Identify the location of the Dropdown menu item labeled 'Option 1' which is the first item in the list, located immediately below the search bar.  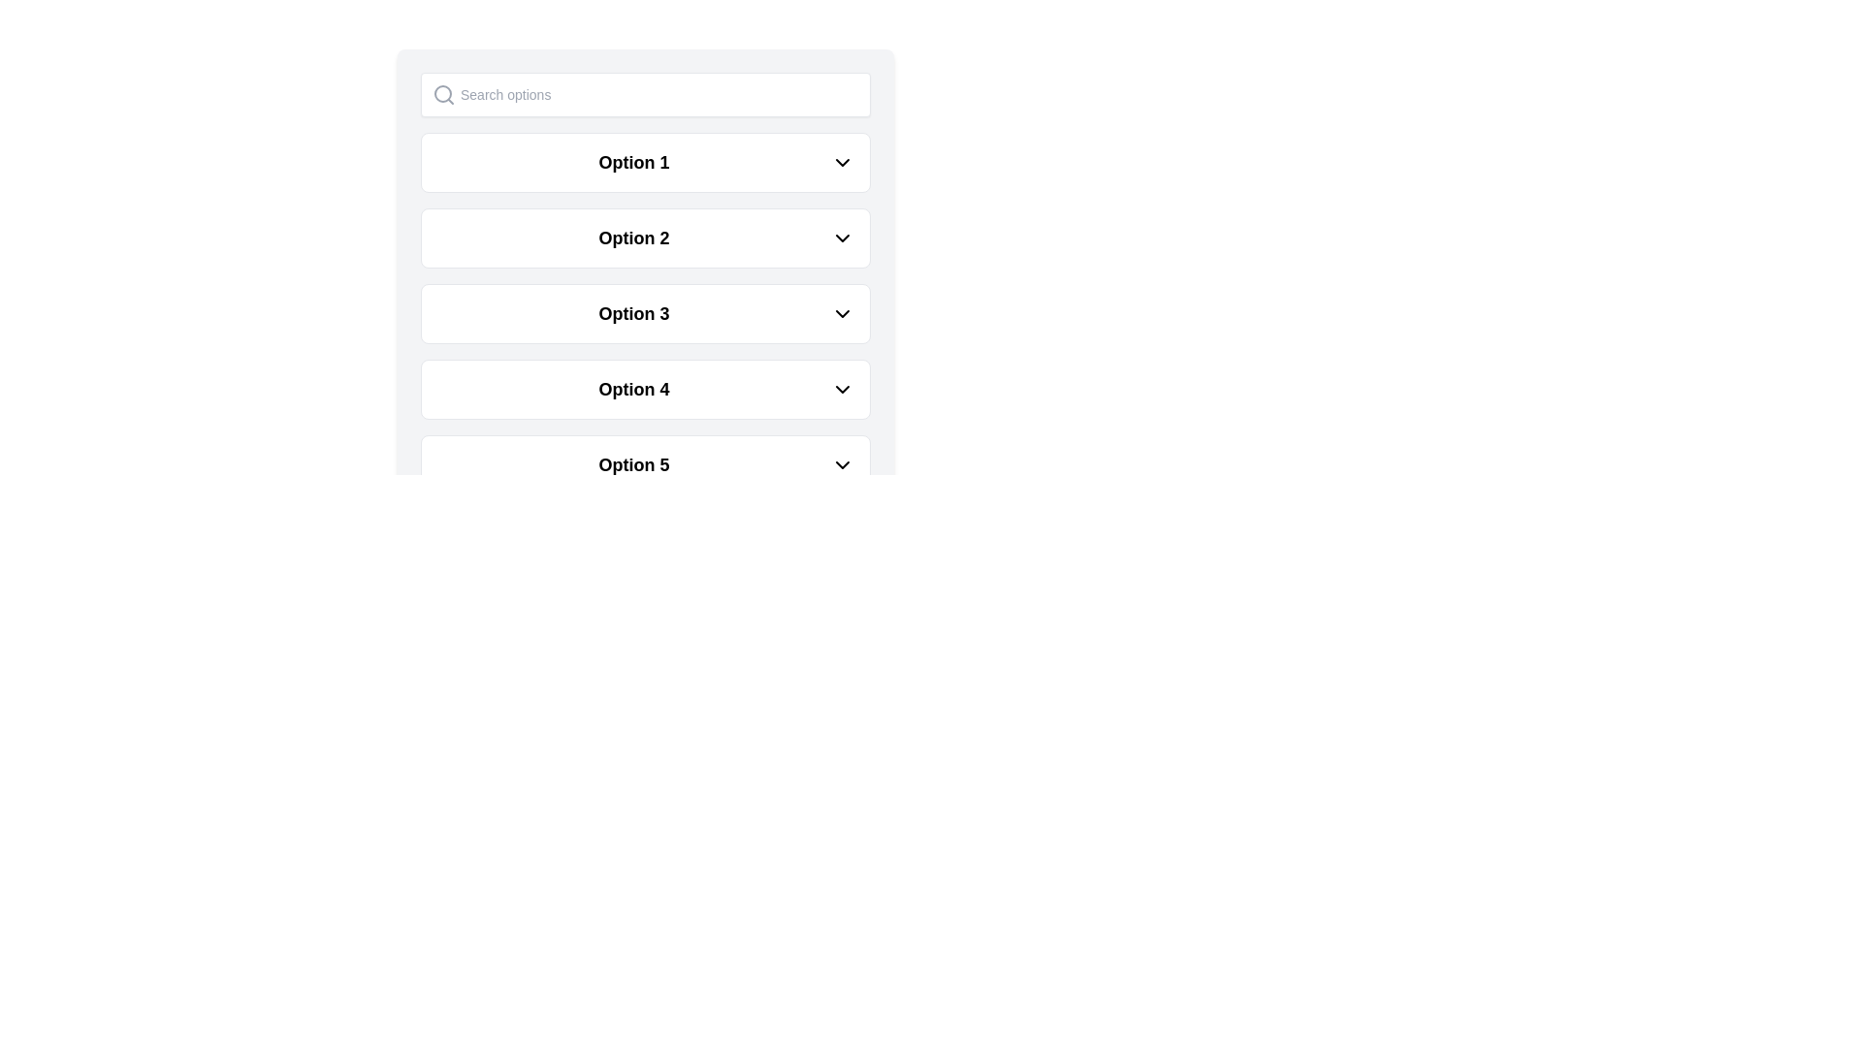
(646, 162).